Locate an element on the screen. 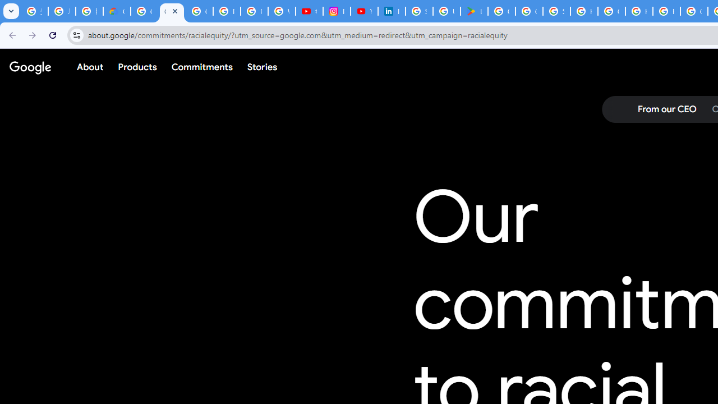 The image size is (718, 404). 'Sign in - Google Accounts' is located at coordinates (418, 11).